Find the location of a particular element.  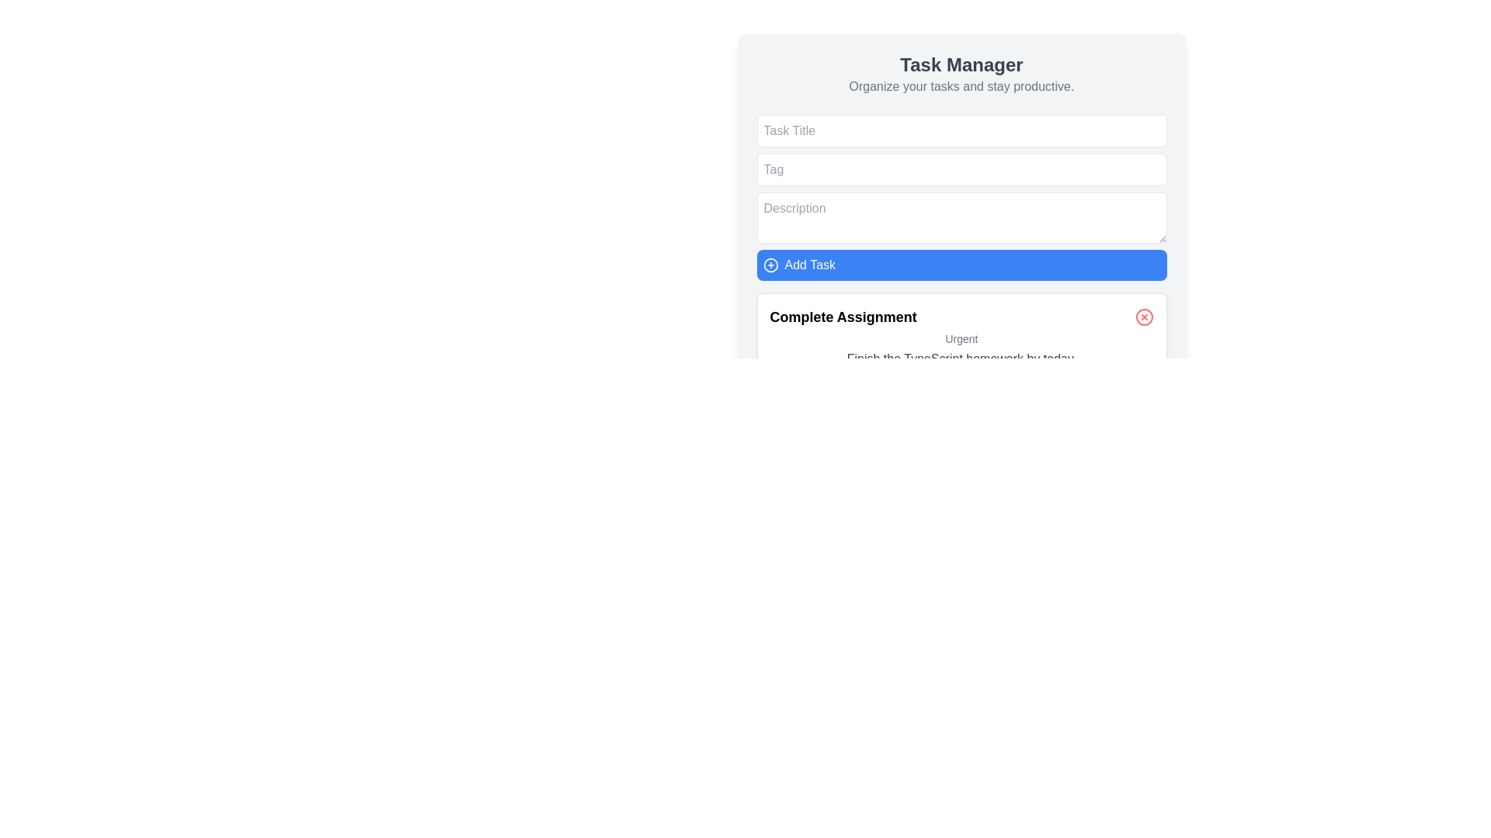

the Text Label displaying the phrase 'Organize your tasks and stay productive.' located beneath the main heading 'Task Manager' is located at coordinates (961, 86).